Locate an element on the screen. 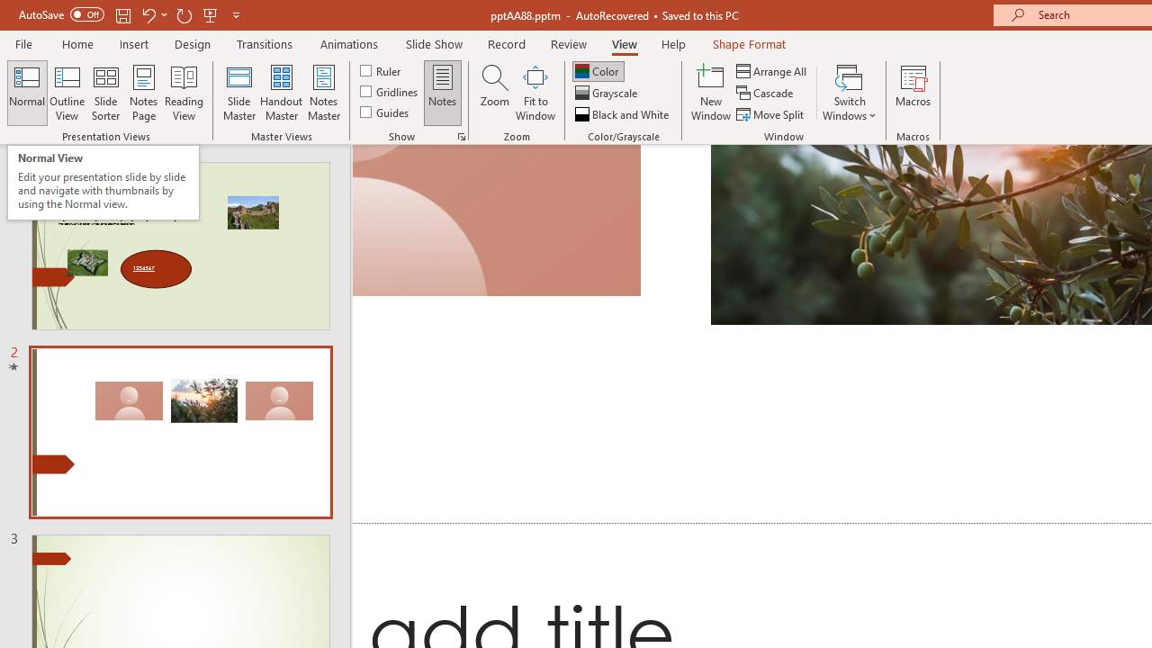 The width and height of the screenshot is (1152, 648). 'Cascade' is located at coordinates (766, 93).